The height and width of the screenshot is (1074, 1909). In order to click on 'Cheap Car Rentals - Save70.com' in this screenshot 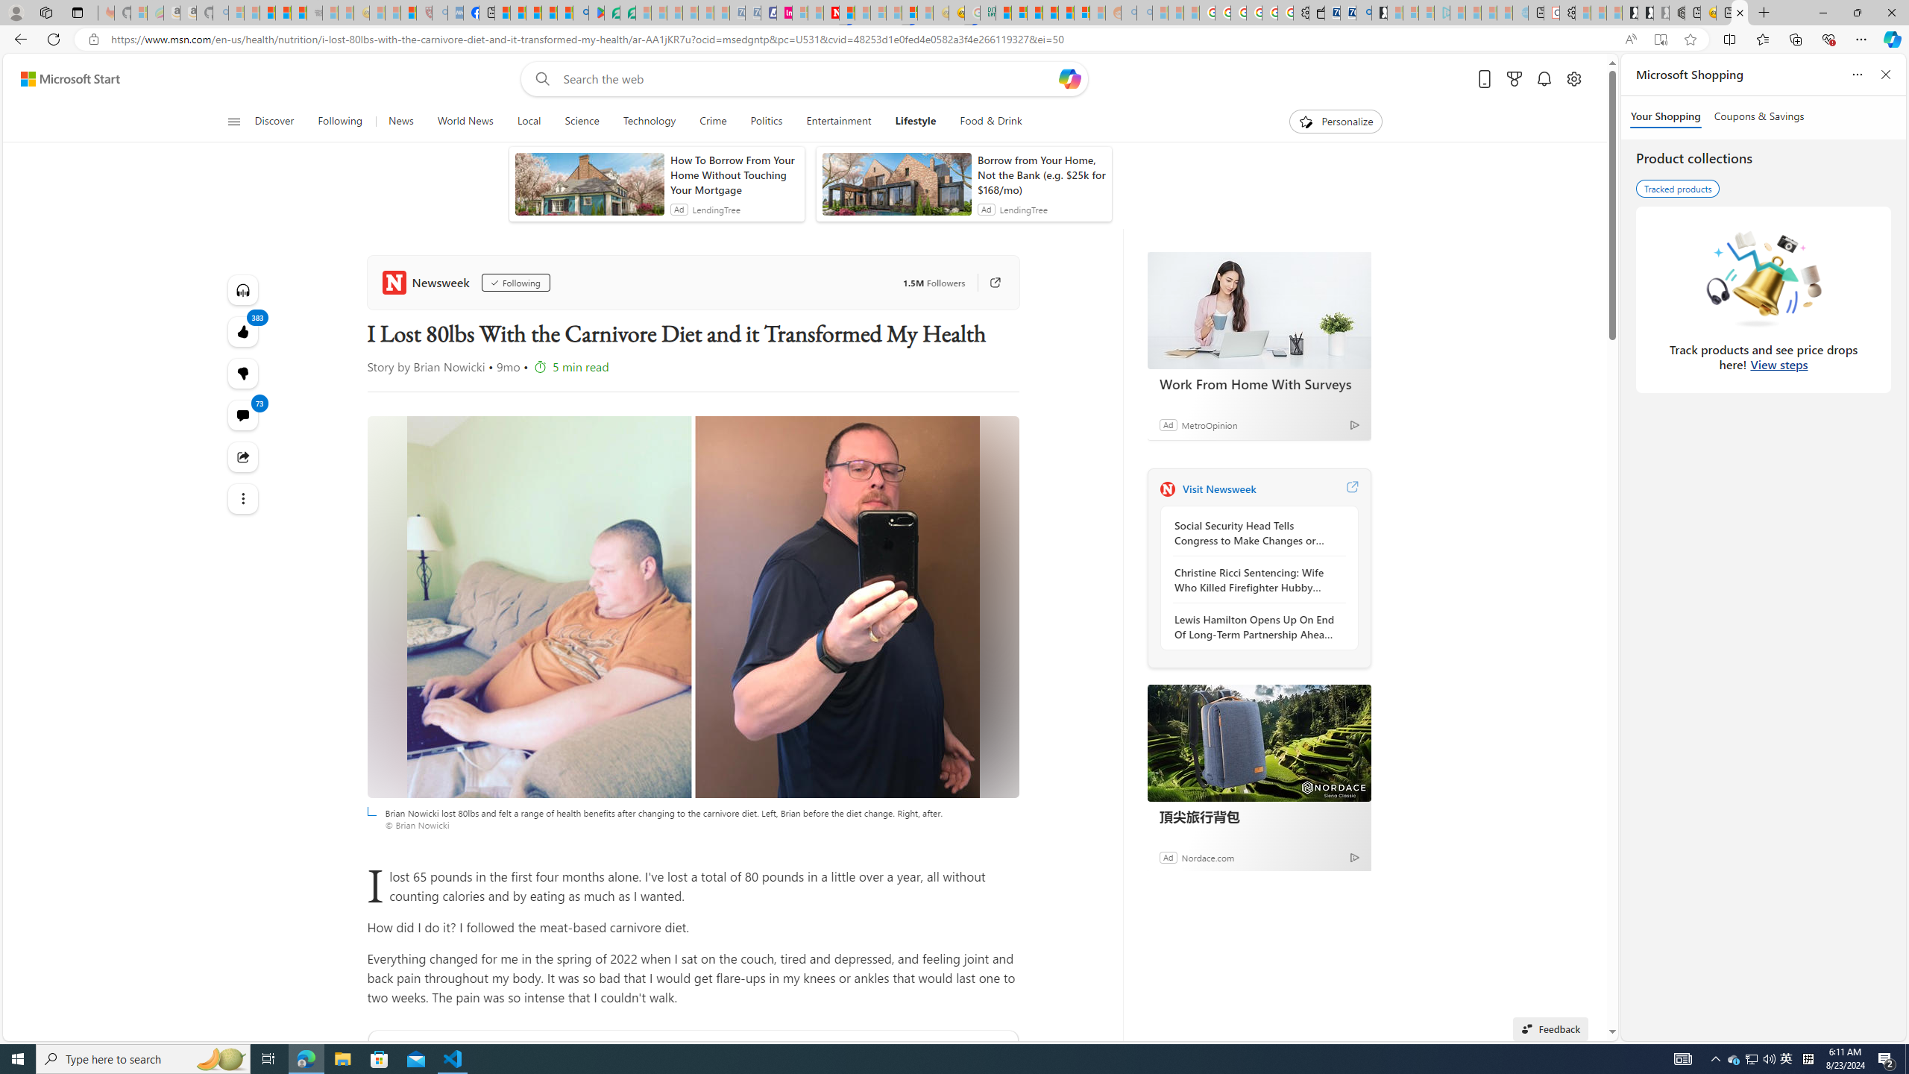, I will do `click(1347, 12)`.